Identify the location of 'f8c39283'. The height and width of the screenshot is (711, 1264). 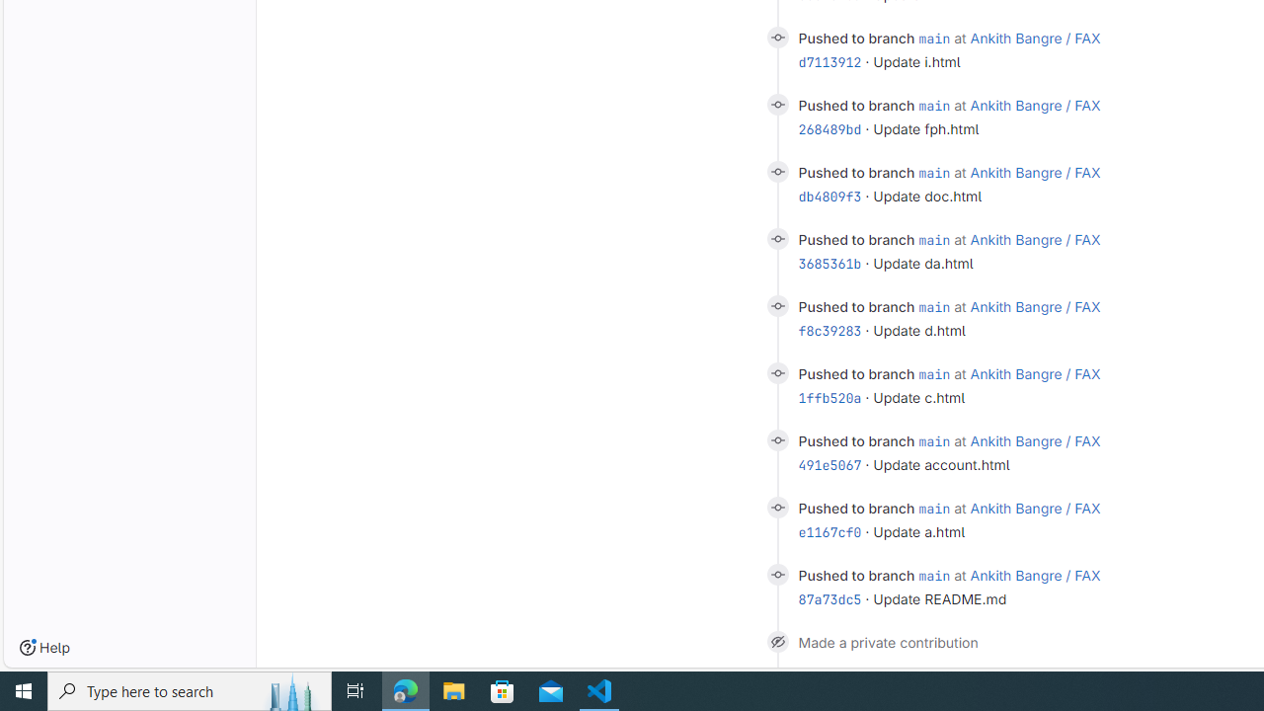
(829, 330).